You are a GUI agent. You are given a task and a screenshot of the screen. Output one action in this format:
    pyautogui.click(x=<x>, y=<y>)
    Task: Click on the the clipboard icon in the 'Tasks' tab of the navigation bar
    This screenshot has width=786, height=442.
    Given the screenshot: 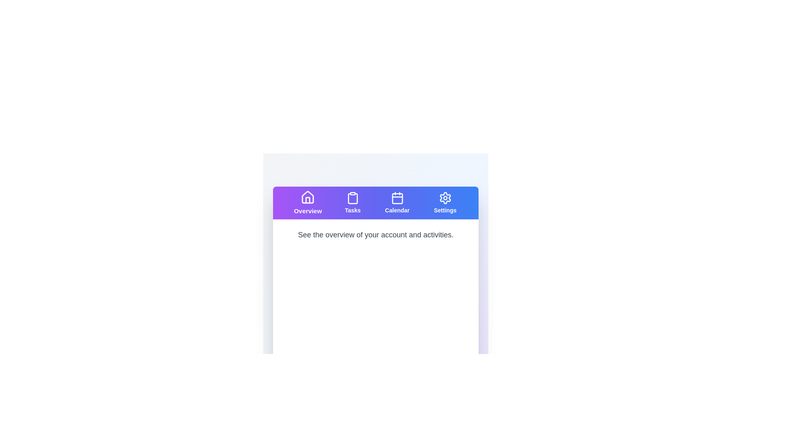 What is the action you would take?
    pyautogui.click(x=352, y=198)
    